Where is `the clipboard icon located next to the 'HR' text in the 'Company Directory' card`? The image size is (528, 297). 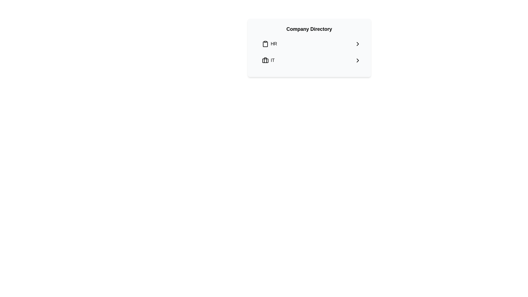 the clipboard icon located next to the 'HR' text in the 'Company Directory' card is located at coordinates (265, 44).